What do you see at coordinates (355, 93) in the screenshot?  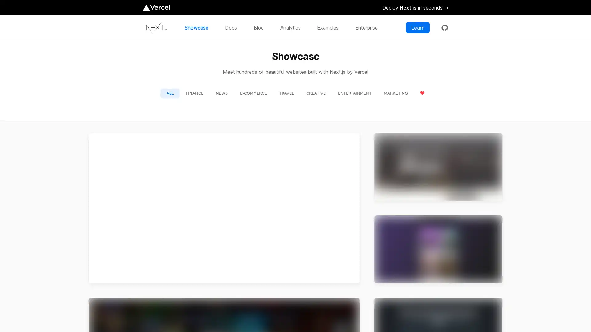 I see `ENTERTAINMENT` at bounding box center [355, 93].